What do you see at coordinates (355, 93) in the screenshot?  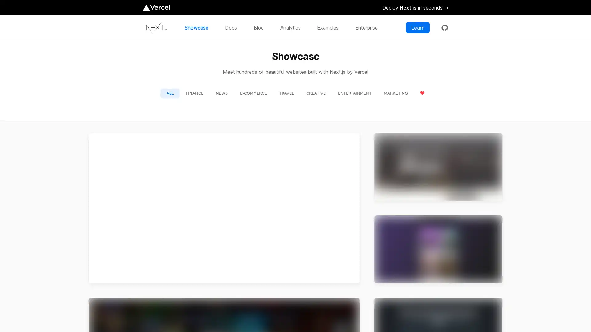 I see `ENTERTAINMENT` at bounding box center [355, 93].